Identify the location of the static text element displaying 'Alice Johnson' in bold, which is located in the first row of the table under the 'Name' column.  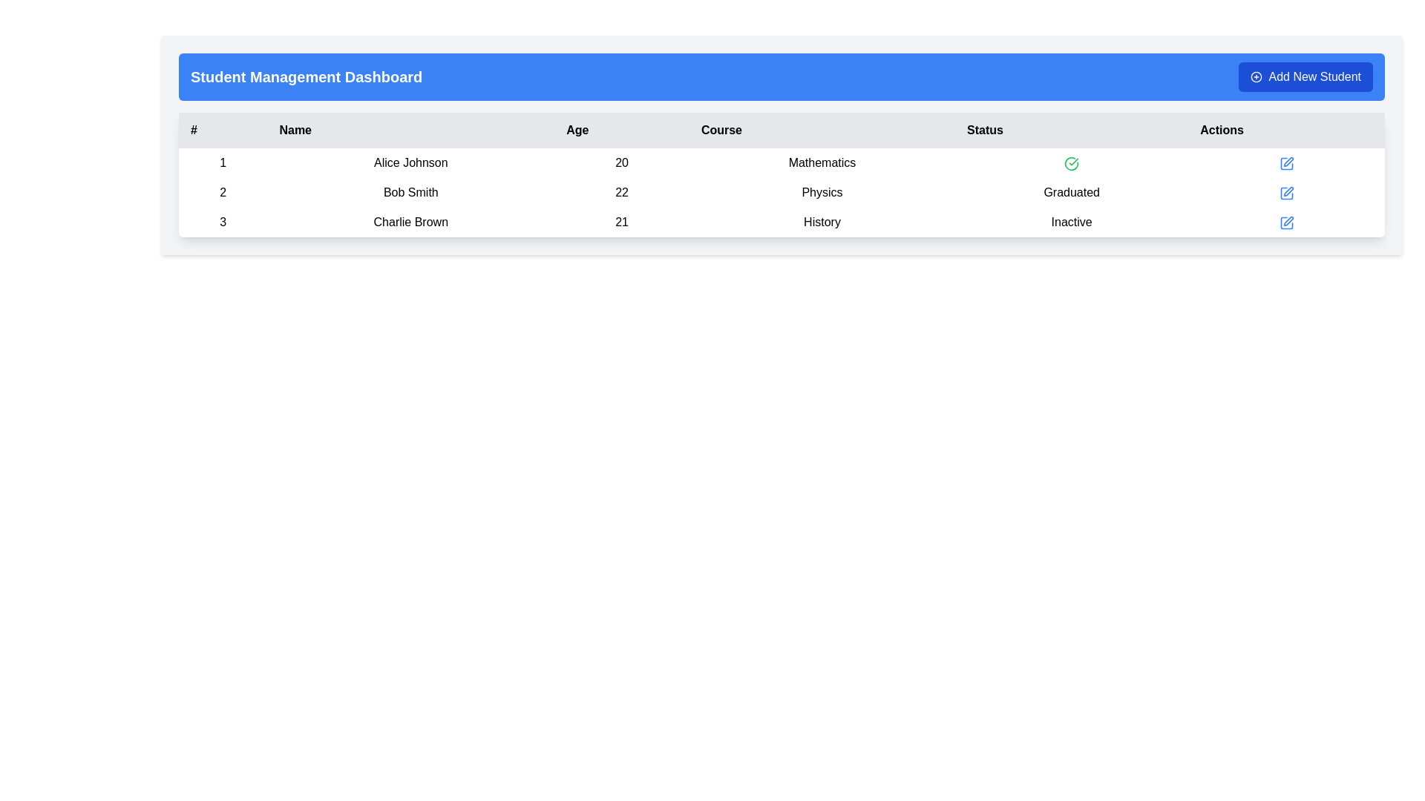
(410, 162).